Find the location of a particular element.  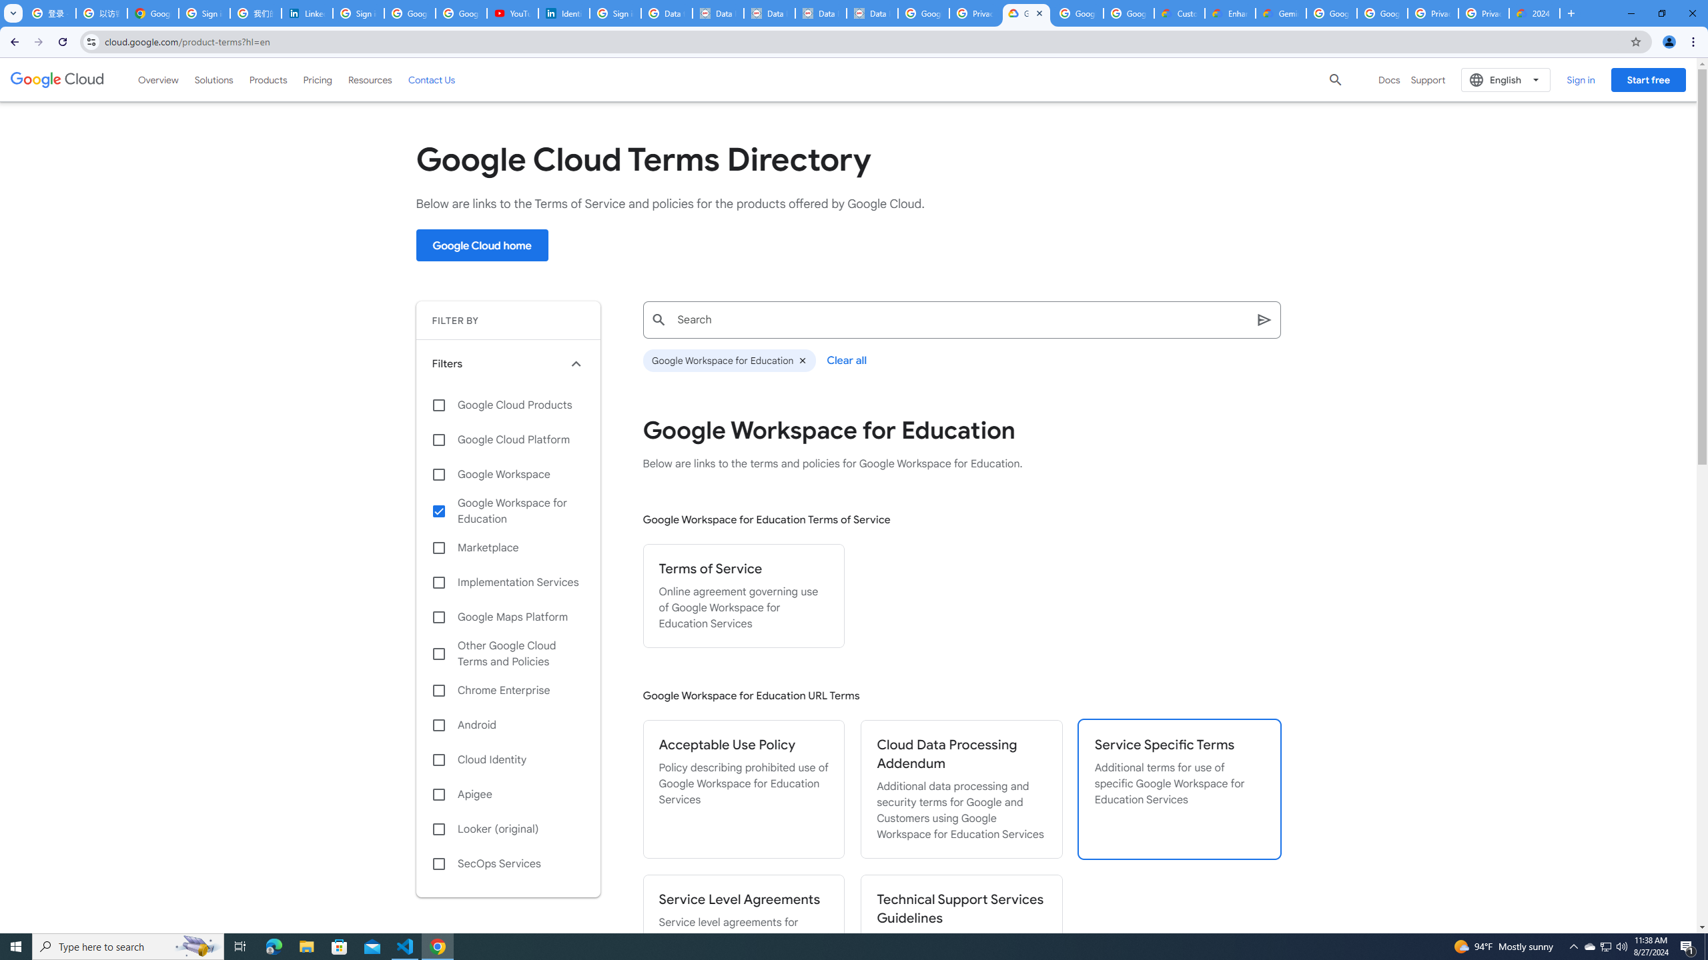

'Google Cloud Products' is located at coordinates (508, 404).